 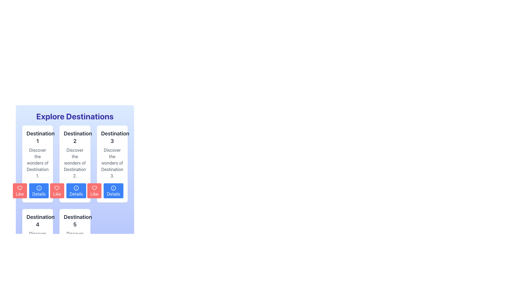 I want to click on the circular blue icon with a white 'i' character located within the 'Details' button of the second column for 'Destination 2', so click(x=76, y=188).